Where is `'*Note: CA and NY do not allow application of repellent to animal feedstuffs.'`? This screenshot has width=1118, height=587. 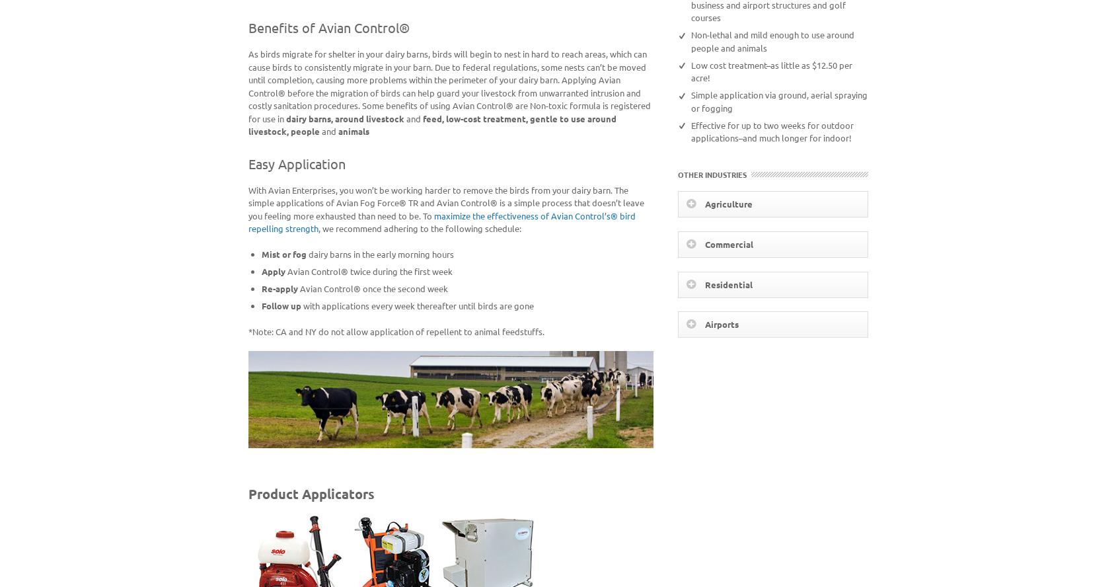 '*Note: CA and NY do not allow application of repellent to animal feedstuffs.' is located at coordinates (395, 331).